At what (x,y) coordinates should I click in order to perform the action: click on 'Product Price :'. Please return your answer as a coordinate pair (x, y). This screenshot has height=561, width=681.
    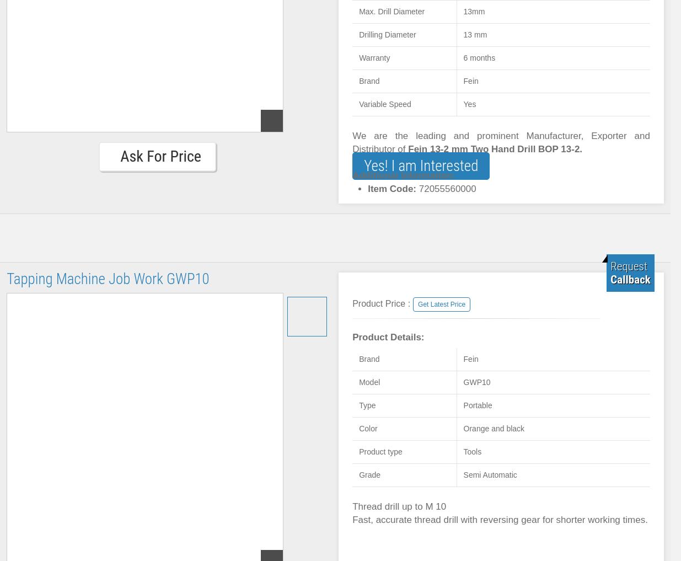
    Looking at the image, I should click on (381, 303).